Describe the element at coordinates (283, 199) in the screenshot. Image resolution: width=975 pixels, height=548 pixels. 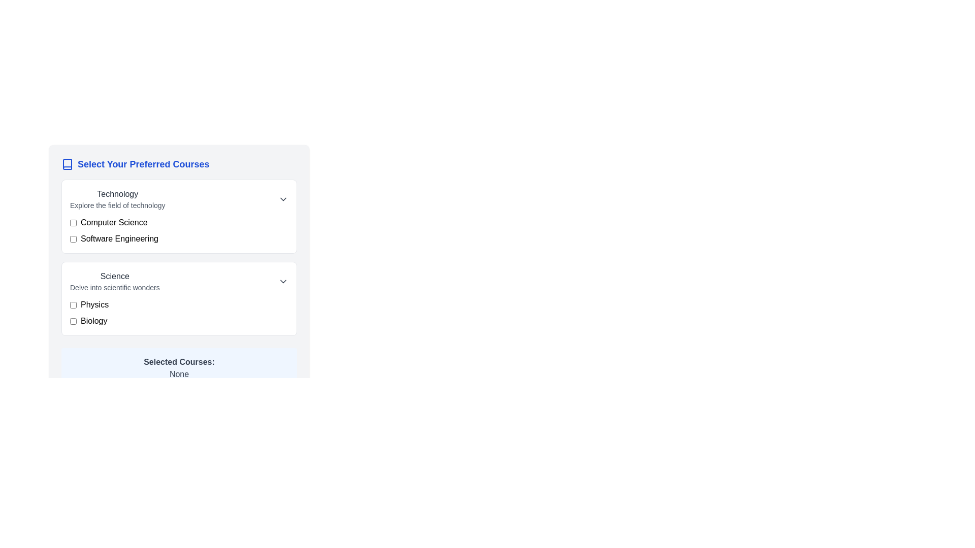
I see `the downward-facing chevron icon in the button structure located at the rightmost side of the 'Technology' section` at that location.